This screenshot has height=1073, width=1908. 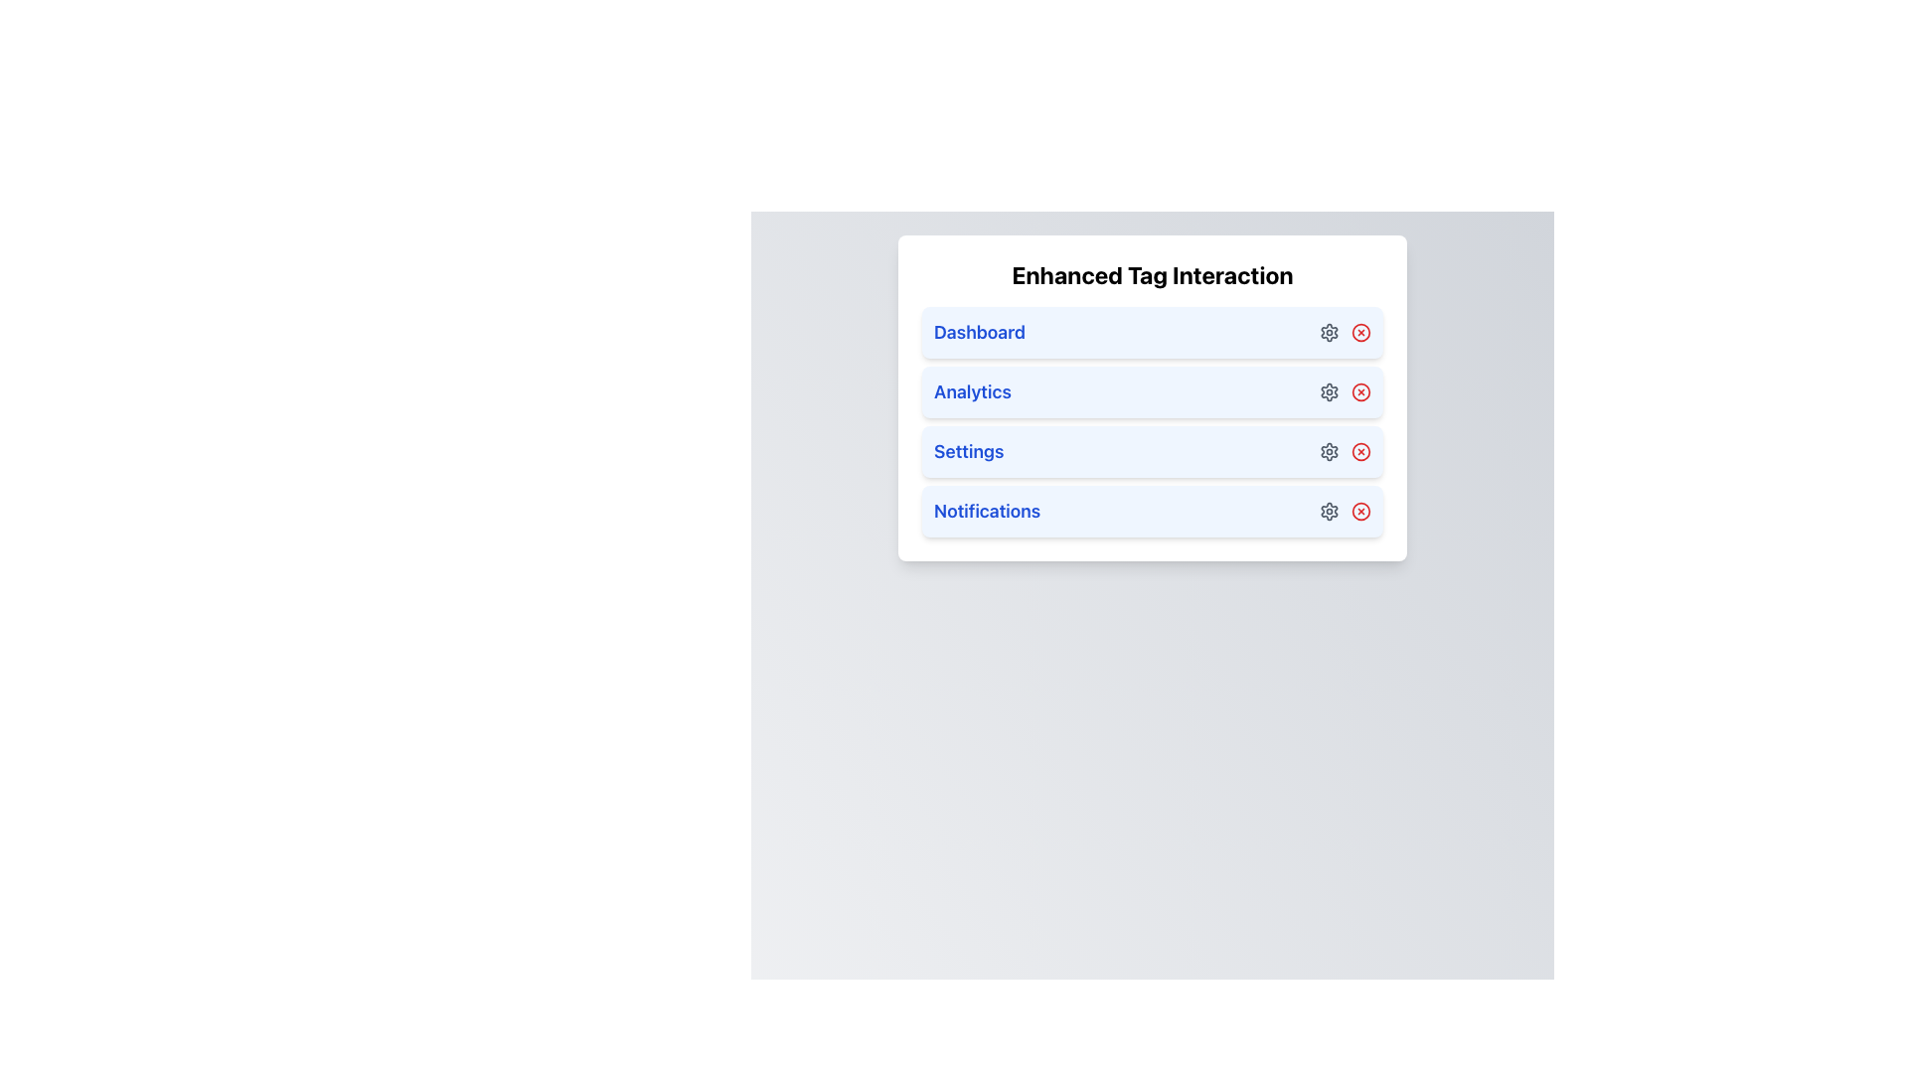 I want to click on the Circular SVG Icon that serves as the deletion button for the 'Settings' entry, located to the right of the 'Settings' text in the third row of the interaction list, so click(x=1359, y=452).